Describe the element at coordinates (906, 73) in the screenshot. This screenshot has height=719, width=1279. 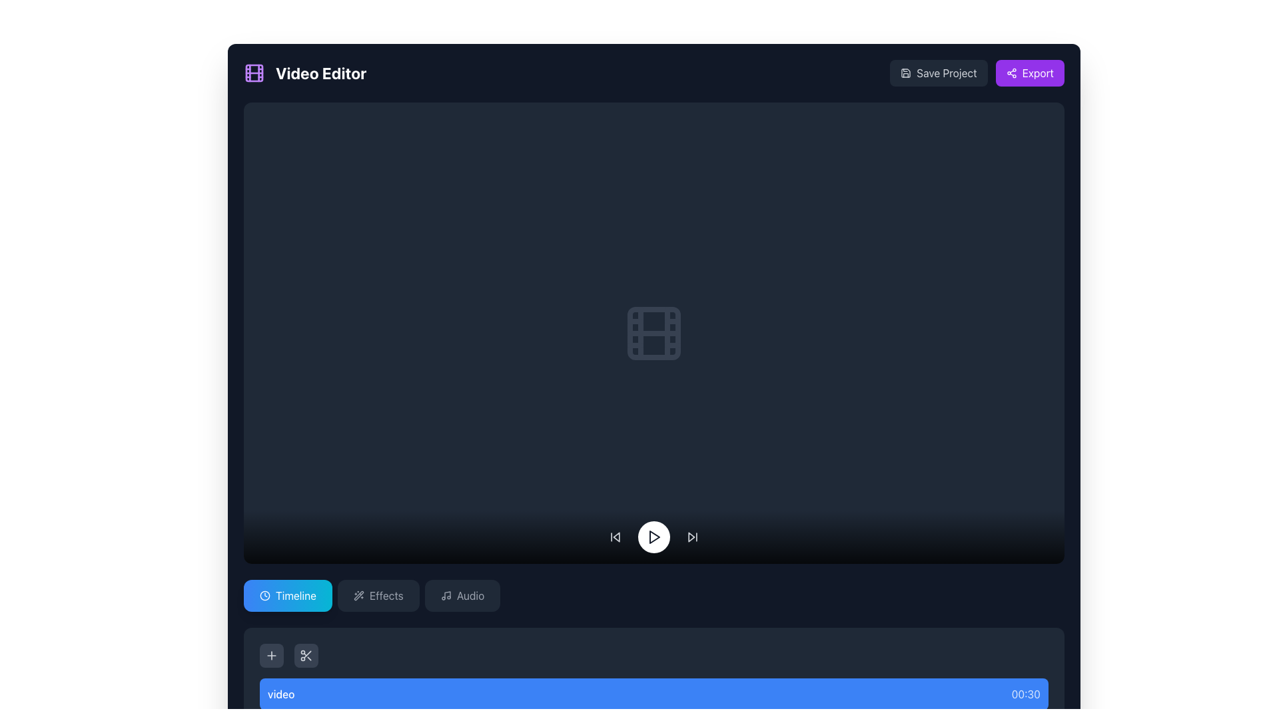
I see `the save icon within the 'Save Project' button, which is styled as a minimalistic floppy disk icon located at the top-right section of the interface` at that location.